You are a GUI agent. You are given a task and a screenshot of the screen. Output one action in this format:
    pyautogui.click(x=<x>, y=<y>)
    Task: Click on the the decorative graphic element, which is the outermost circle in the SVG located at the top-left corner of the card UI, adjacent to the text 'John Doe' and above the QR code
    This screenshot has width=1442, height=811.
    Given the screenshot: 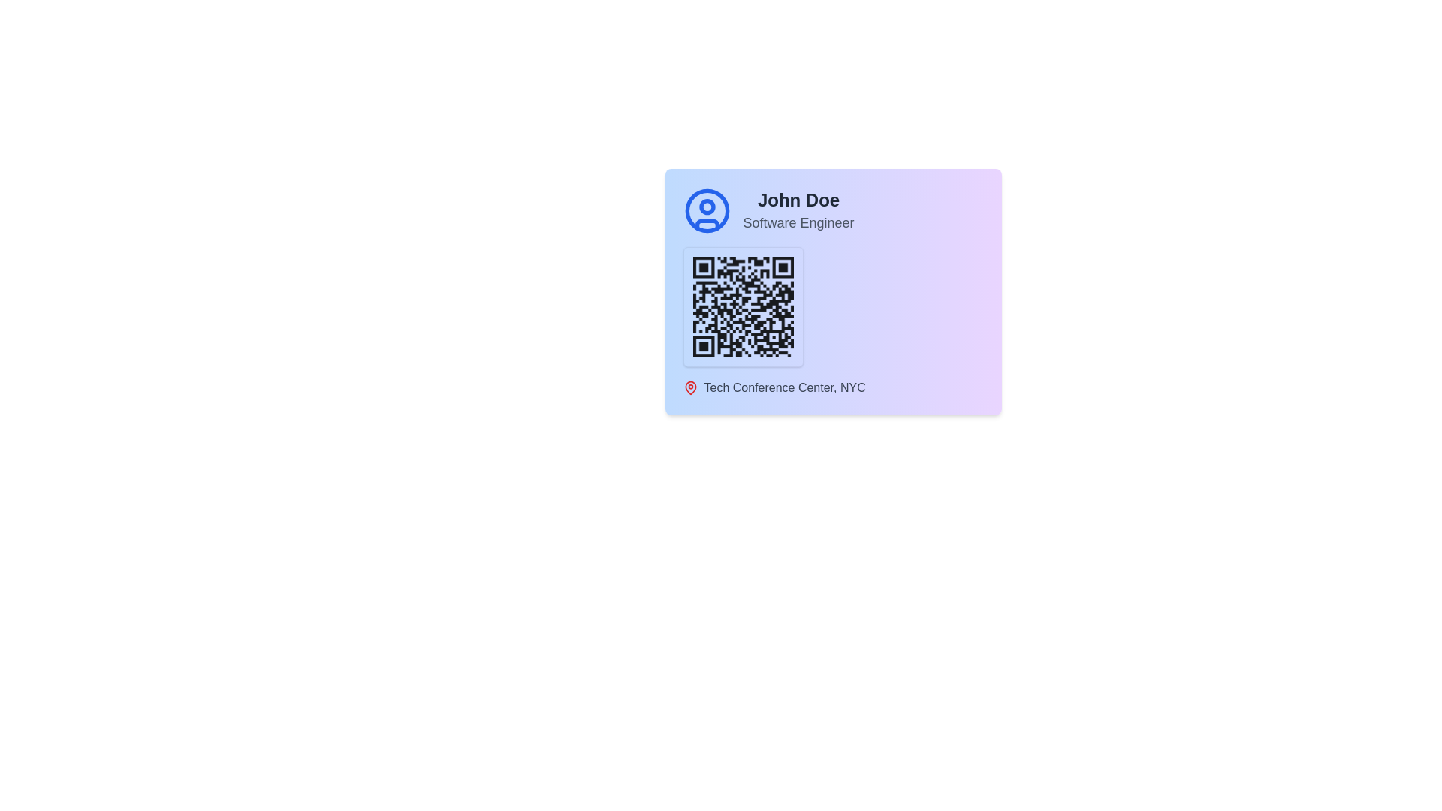 What is the action you would take?
    pyautogui.click(x=706, y=211)
    